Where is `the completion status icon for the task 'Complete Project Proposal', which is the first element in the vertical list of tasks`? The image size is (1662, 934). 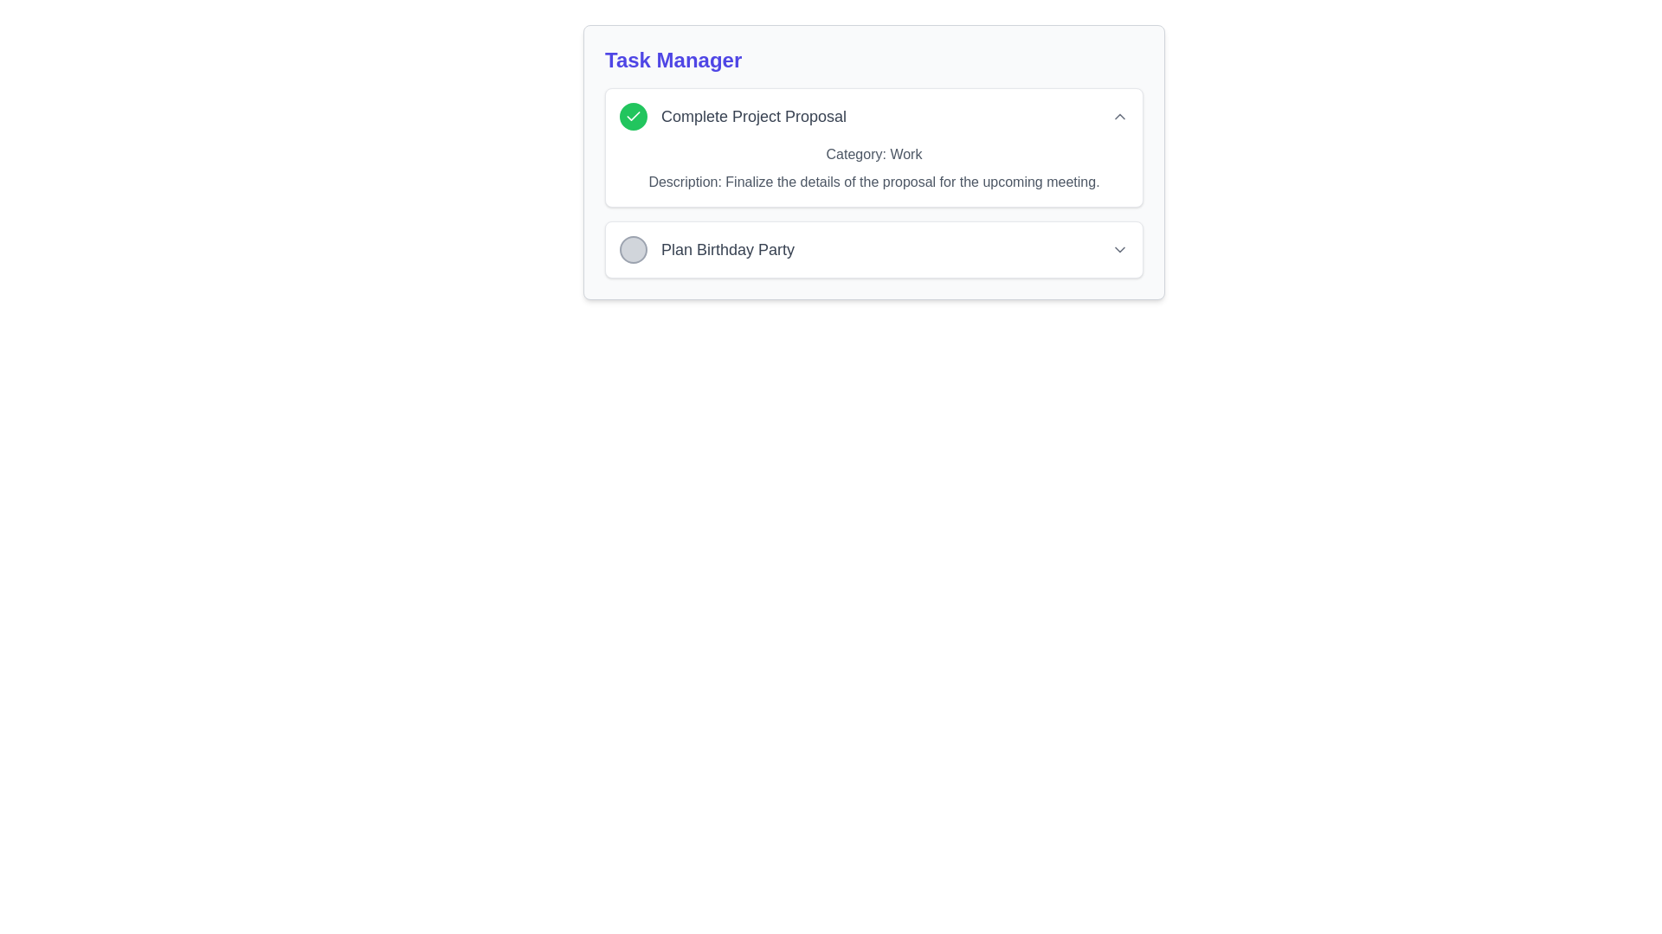
the completion status icon for the task 'Complete Project Proposal', which is the first element in the vertical list of tasks is located at coordinates (632, 117).